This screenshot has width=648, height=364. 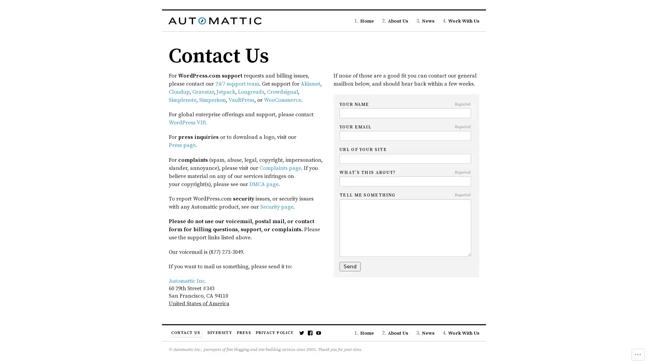 I want to click on Send, so click(x=350, y=266).